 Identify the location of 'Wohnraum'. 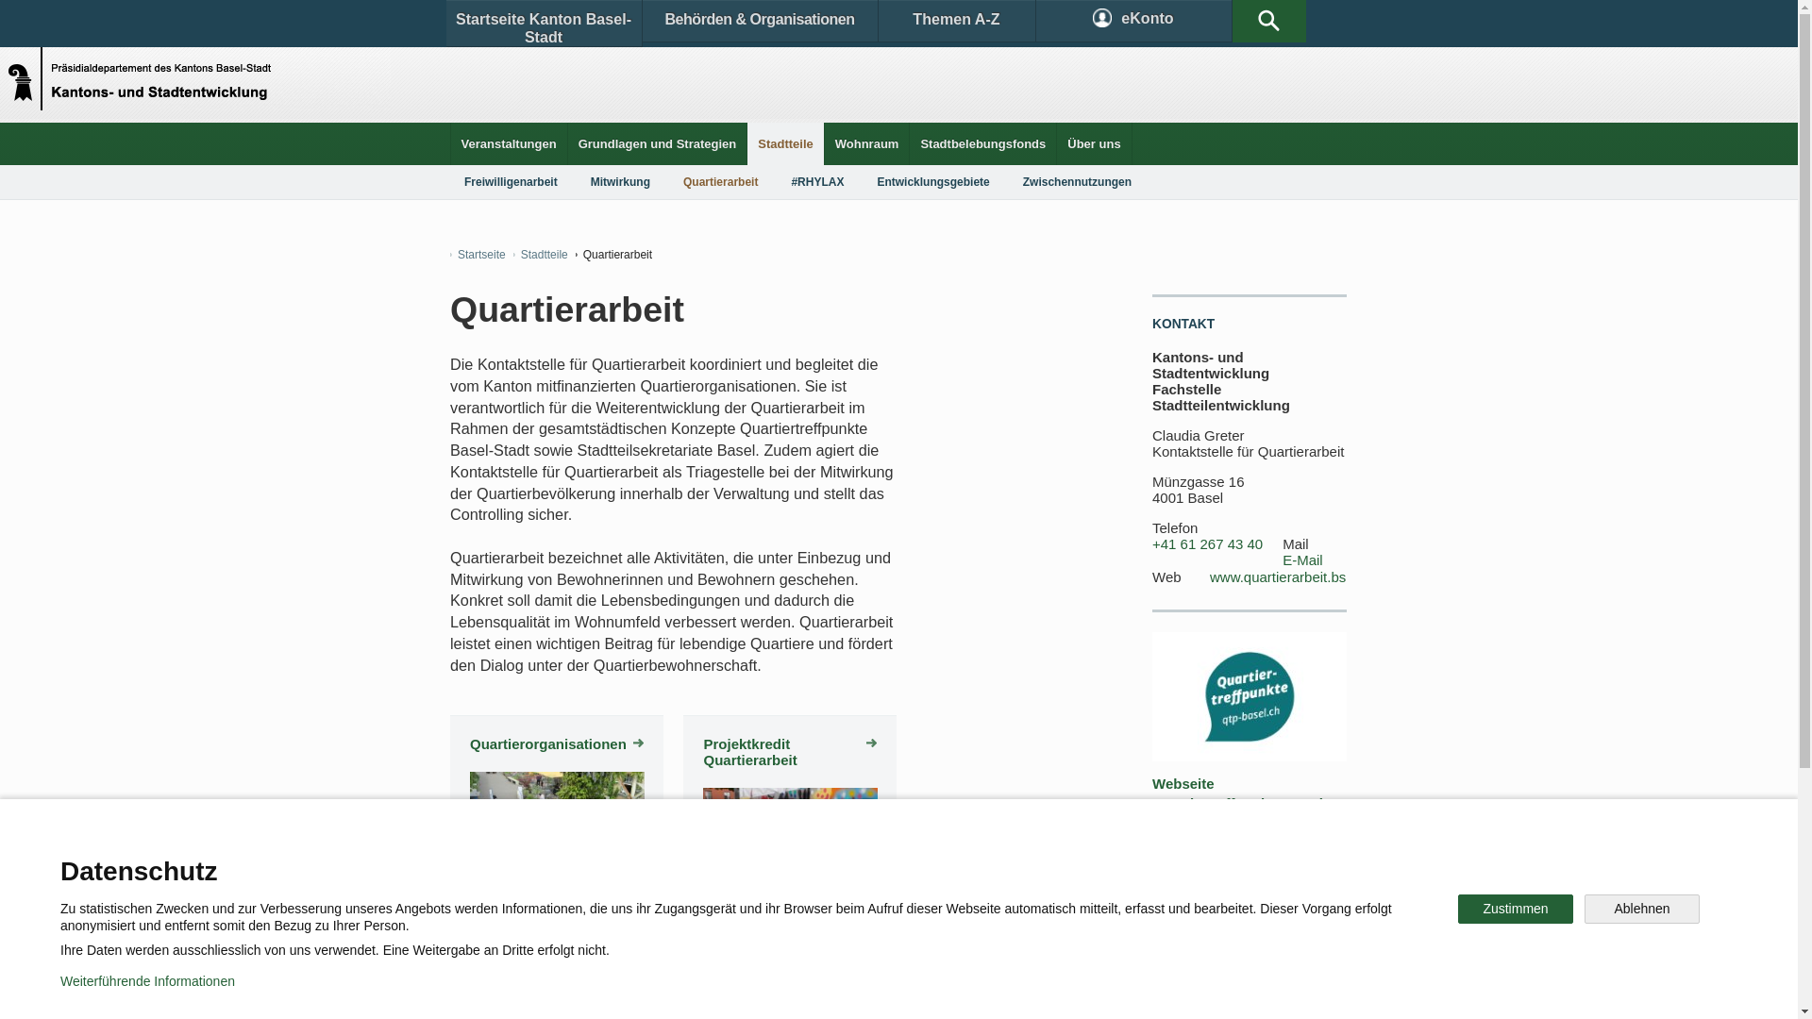
(865, 142).